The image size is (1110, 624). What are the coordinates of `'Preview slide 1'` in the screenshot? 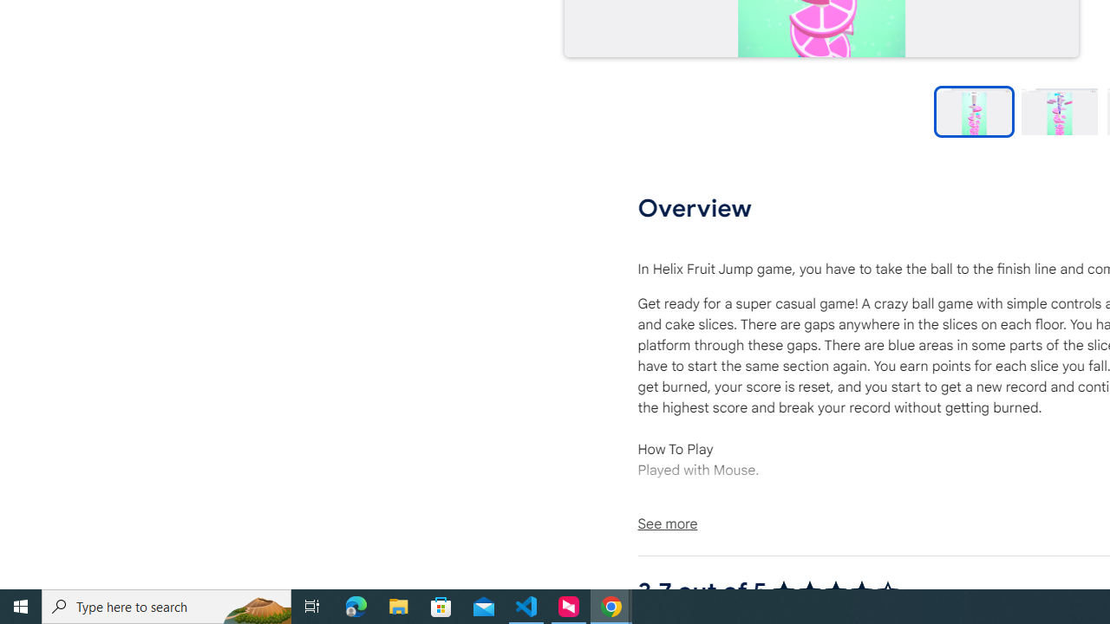 It's located at (974, 111).